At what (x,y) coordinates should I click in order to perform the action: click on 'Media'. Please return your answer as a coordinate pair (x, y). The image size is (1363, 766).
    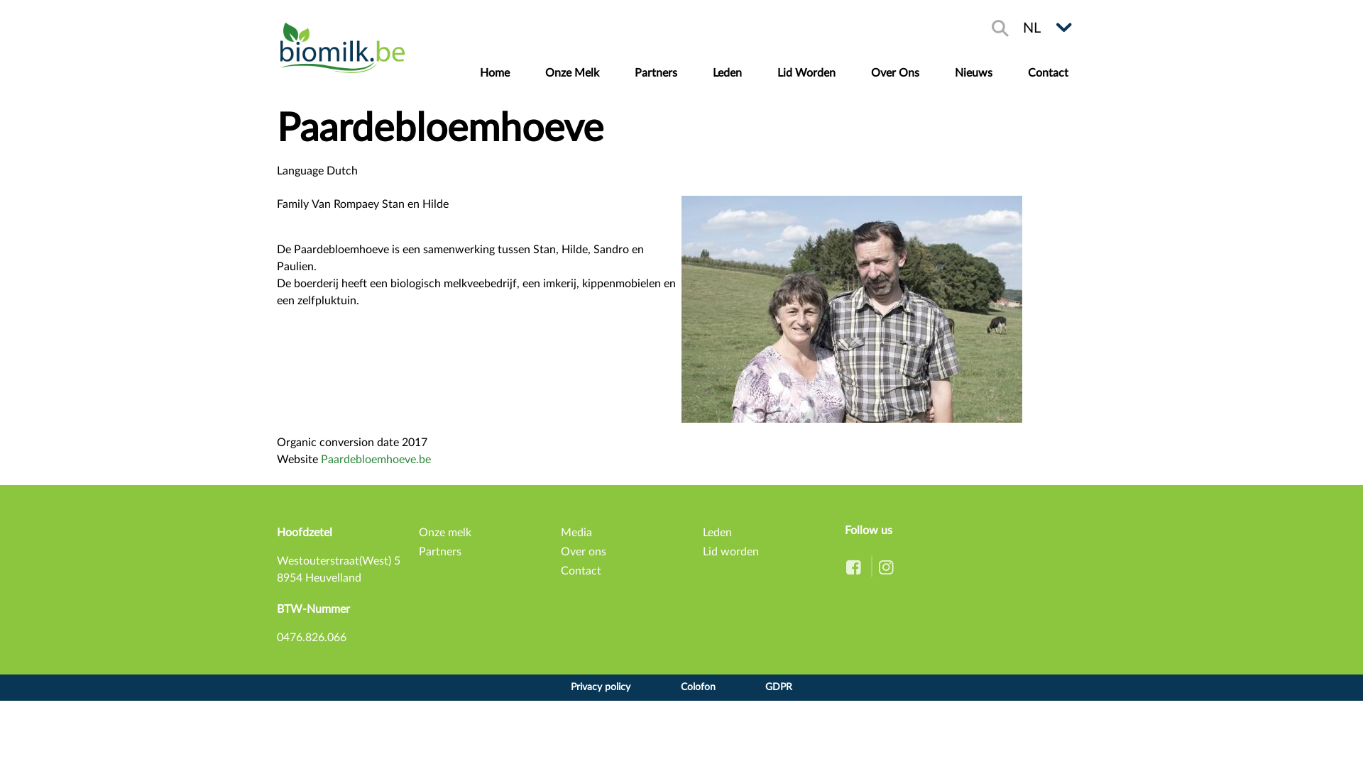
    Looking at the image, I should click on (560, 533).